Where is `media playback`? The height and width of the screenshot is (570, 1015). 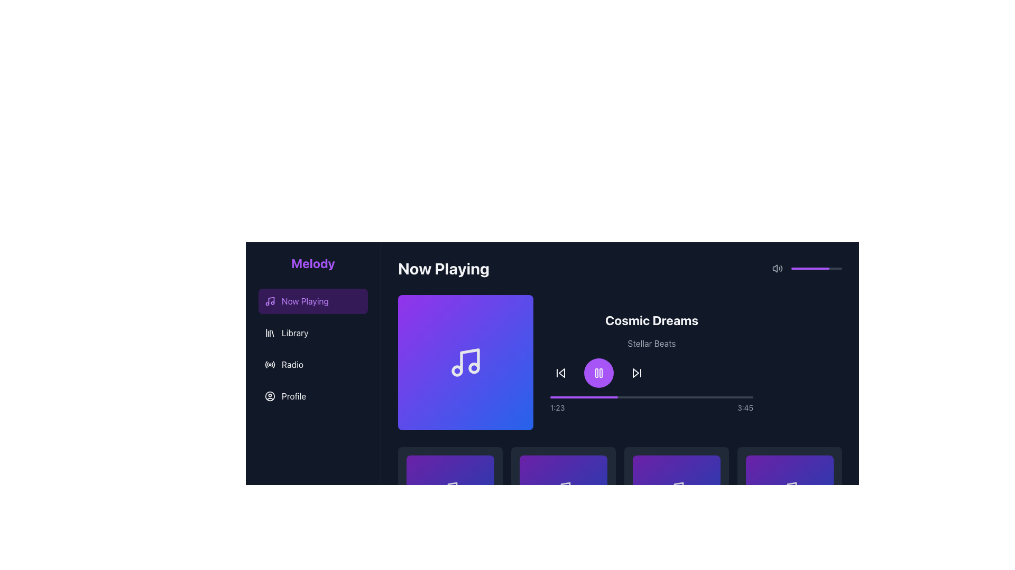 media playback is located at coordinates (642, 397).